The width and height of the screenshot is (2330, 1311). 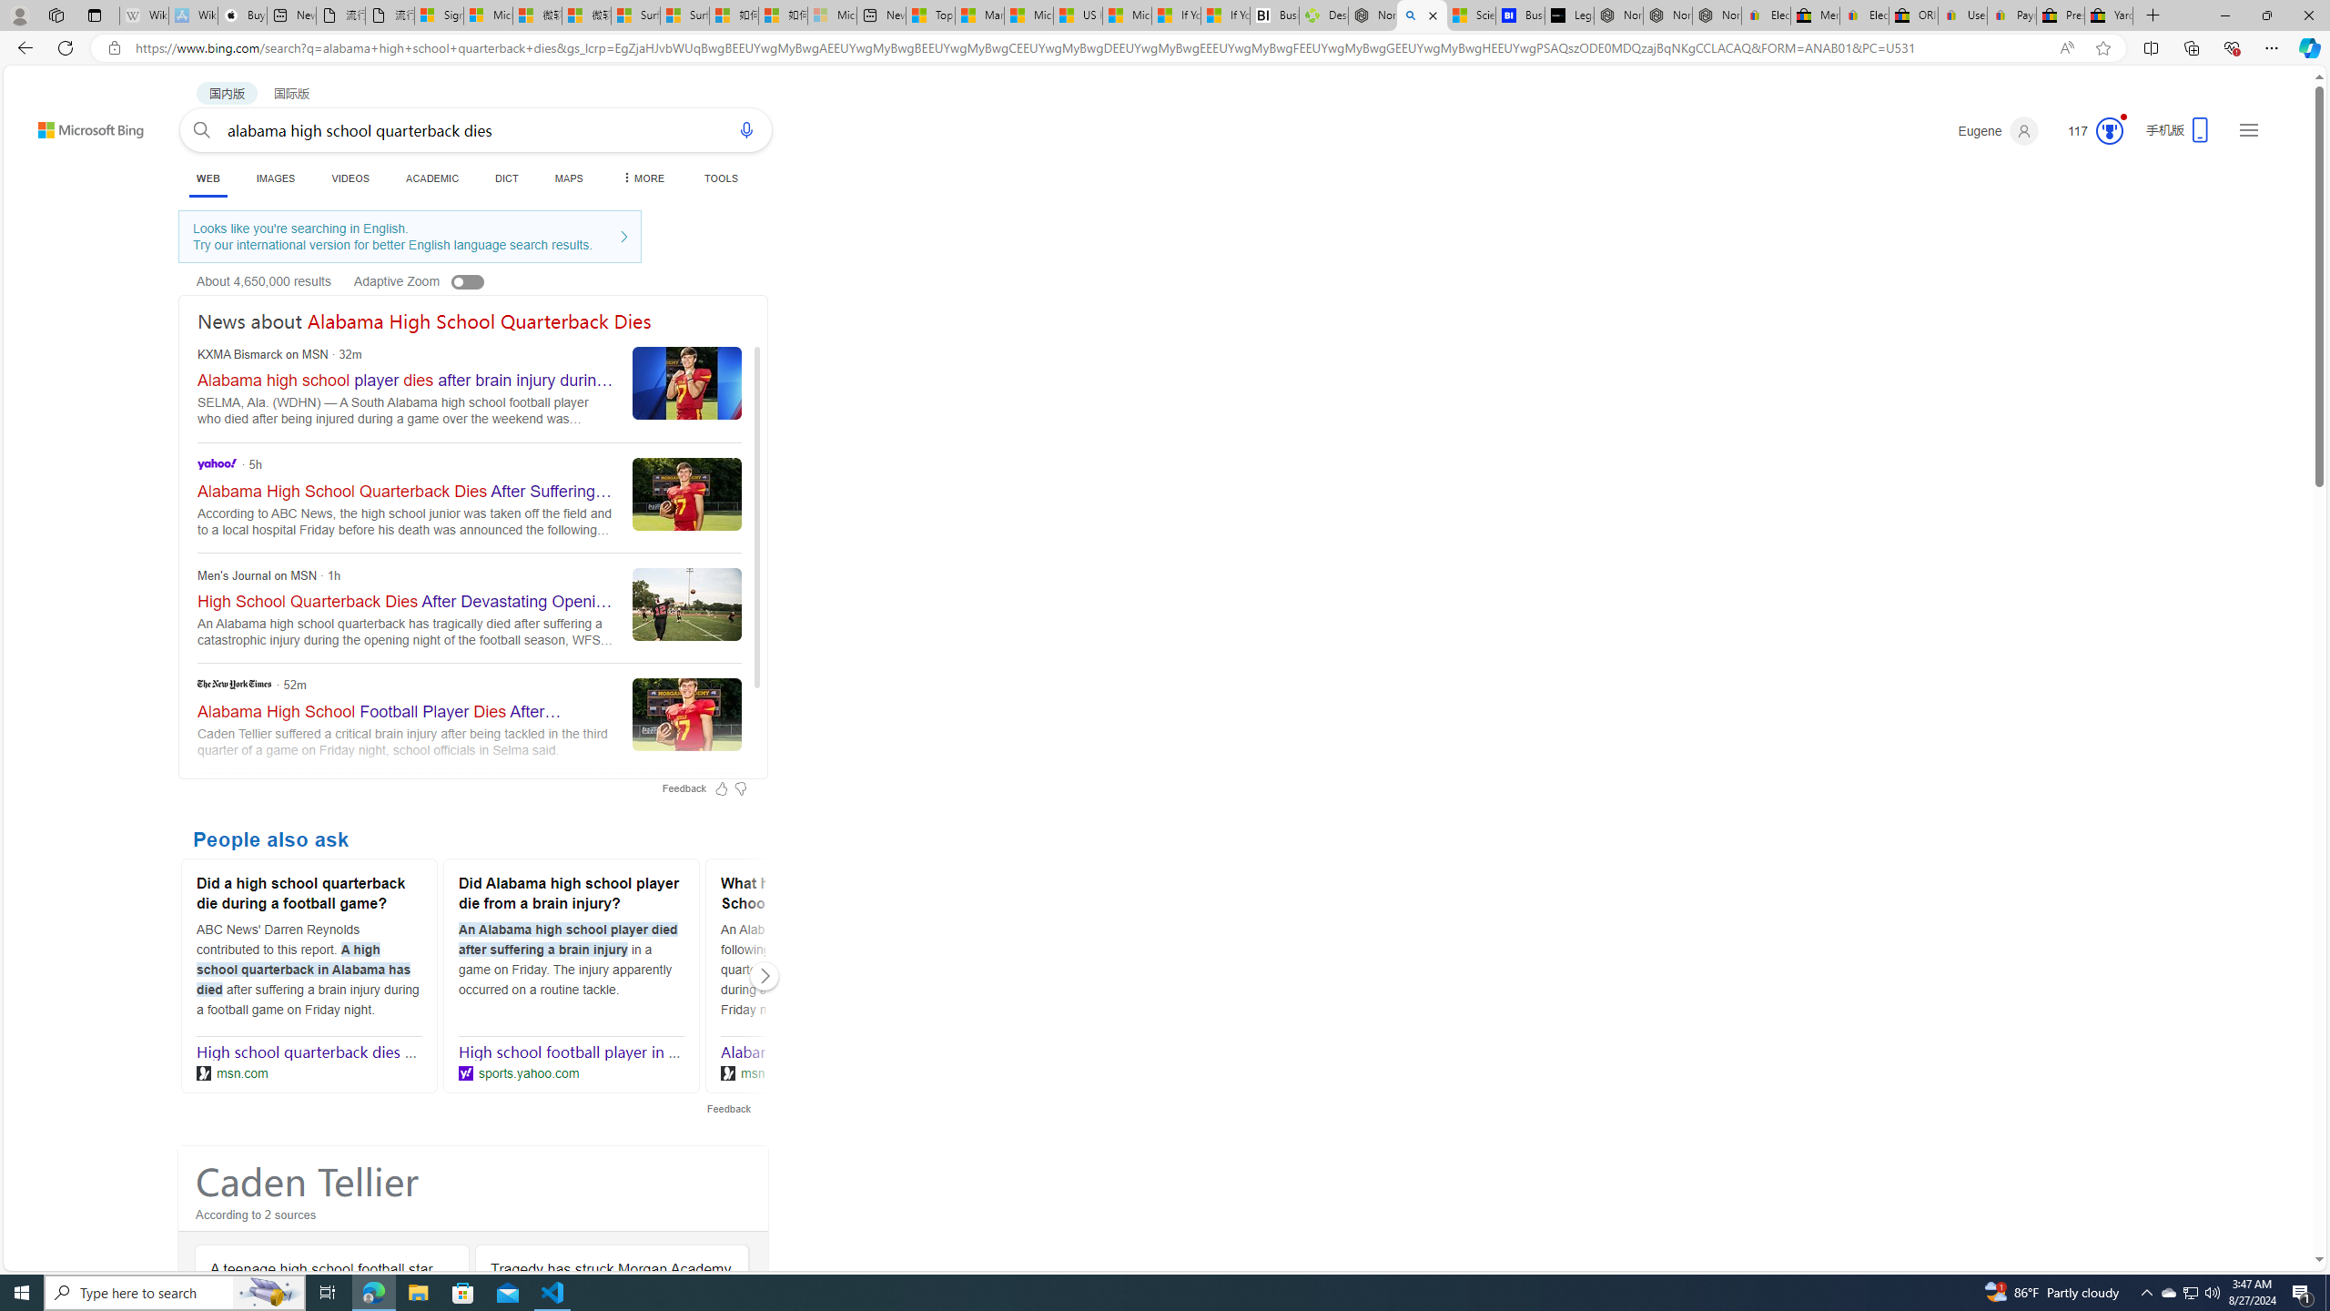 What do you see at coordinates (568, 178) in the screenshot?
I see `'MAPS'` at bounding box center [568, 178].